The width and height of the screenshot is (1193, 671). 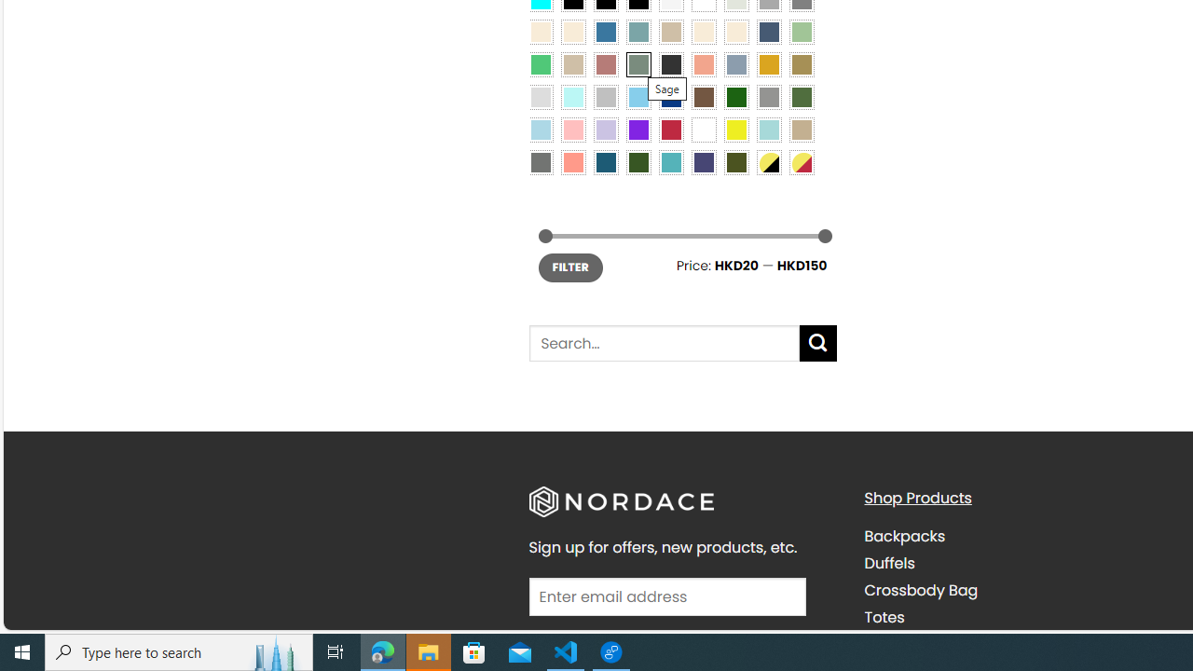 I want to click on 'Yellow', so click(x=734, y=128).